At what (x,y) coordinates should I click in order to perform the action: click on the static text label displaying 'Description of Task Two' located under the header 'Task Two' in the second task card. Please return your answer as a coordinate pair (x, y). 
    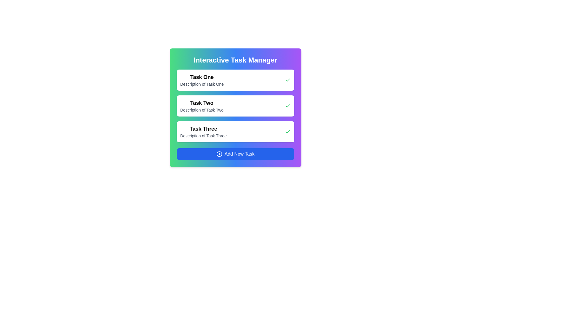
    Looking at the image, I should click on (202, 110).